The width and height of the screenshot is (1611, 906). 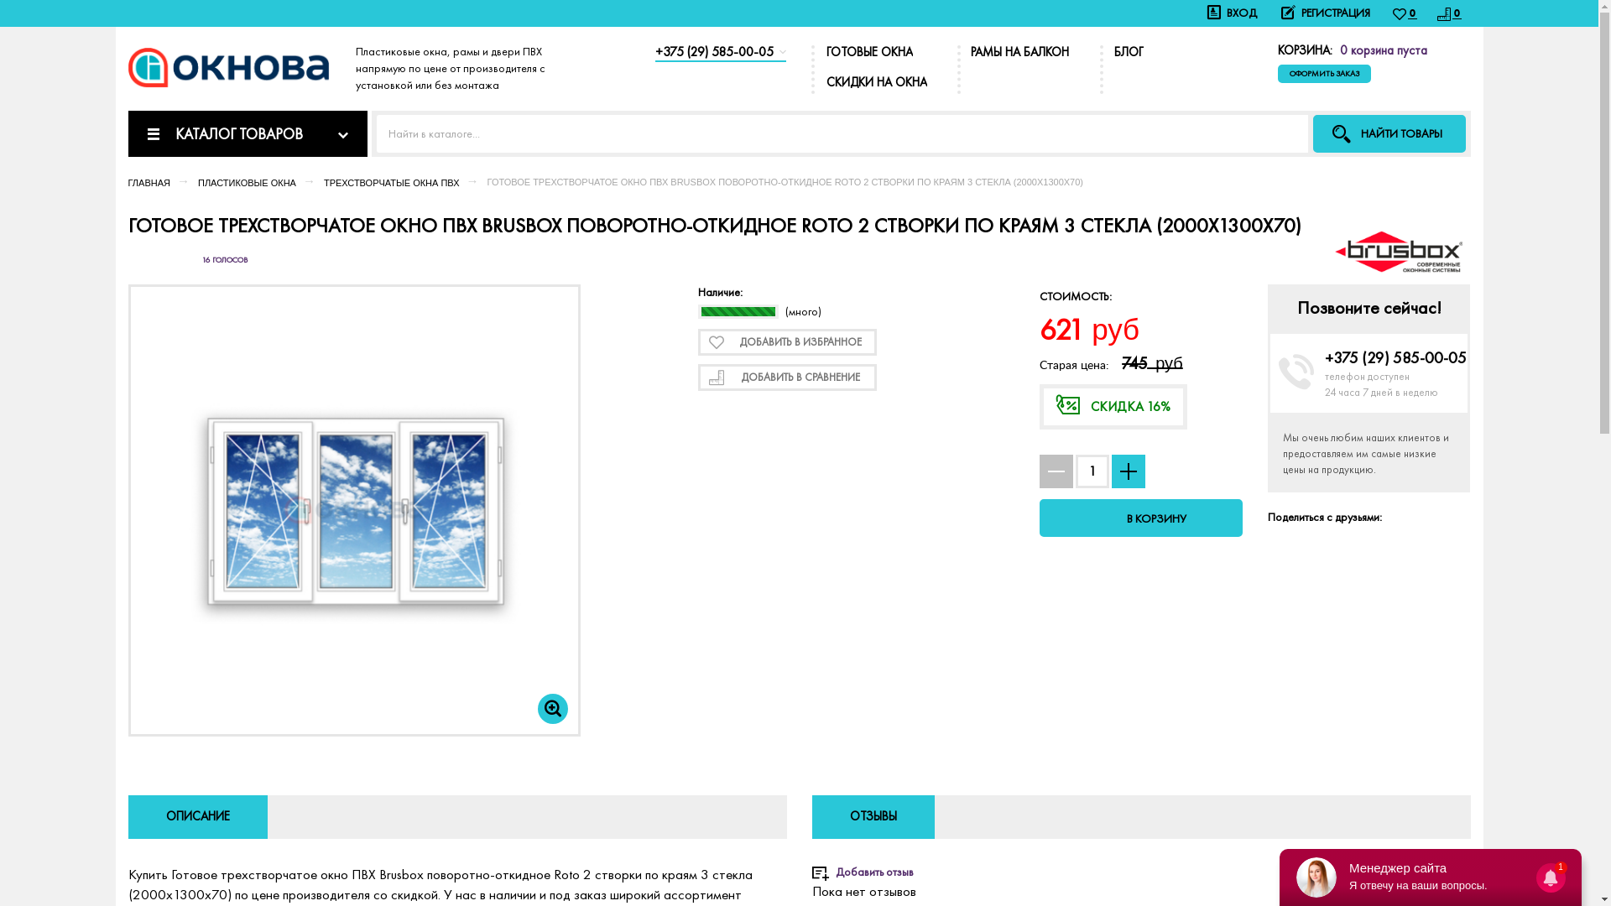 I want to click on 'Brusbox', so click(x=1397, y=248).